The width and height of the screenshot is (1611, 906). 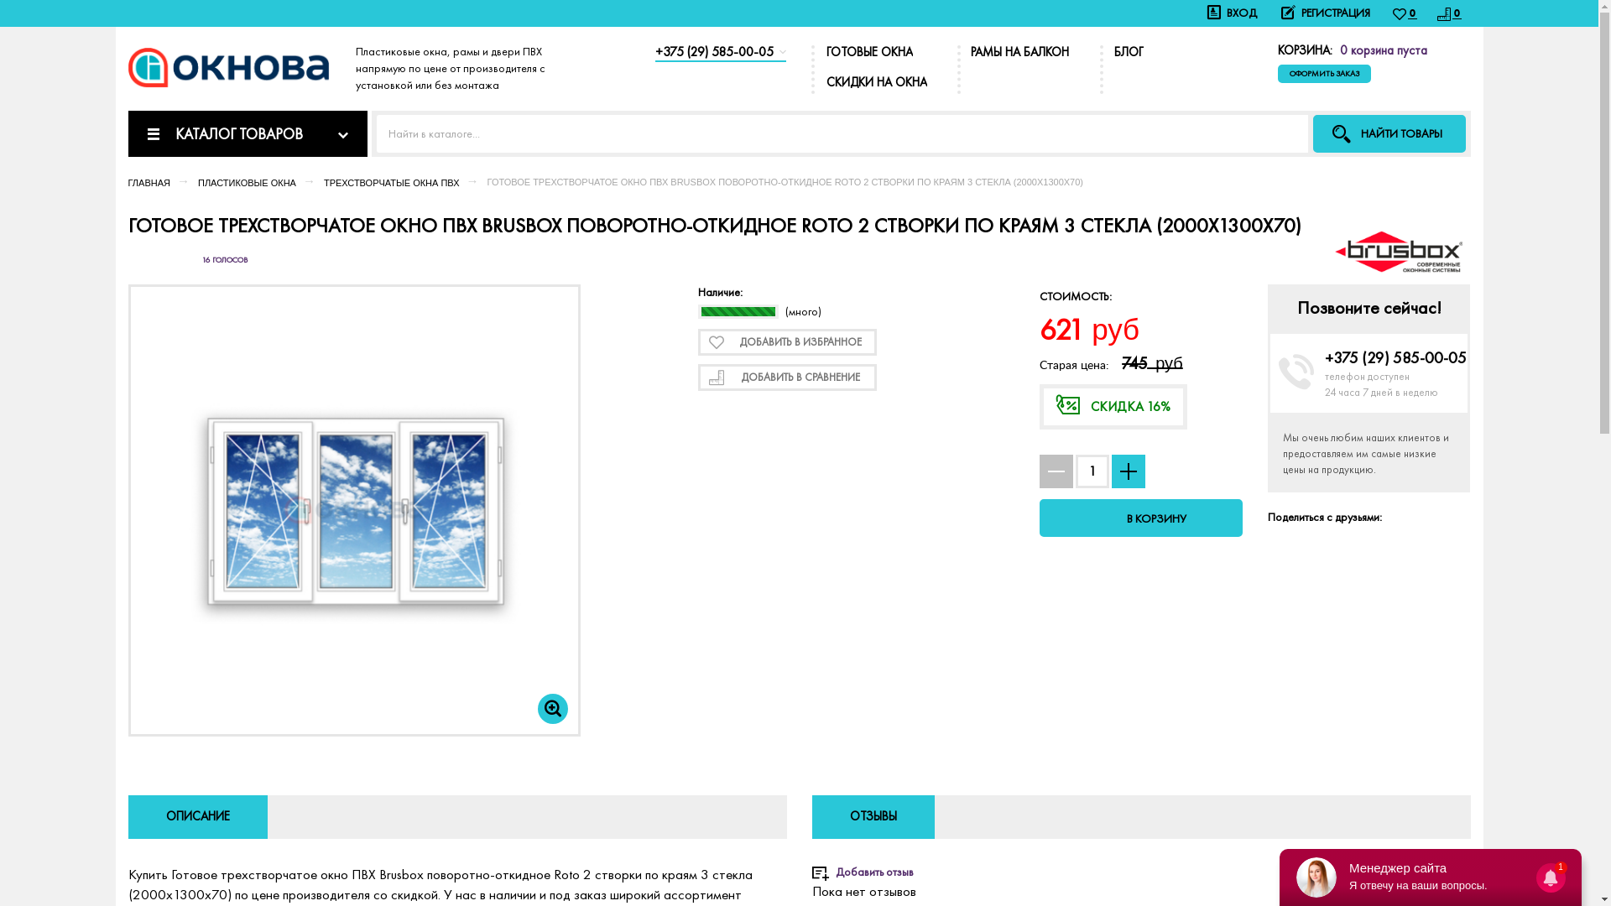 I want to click on 'Brusbox', so click(x=1397, y=248).